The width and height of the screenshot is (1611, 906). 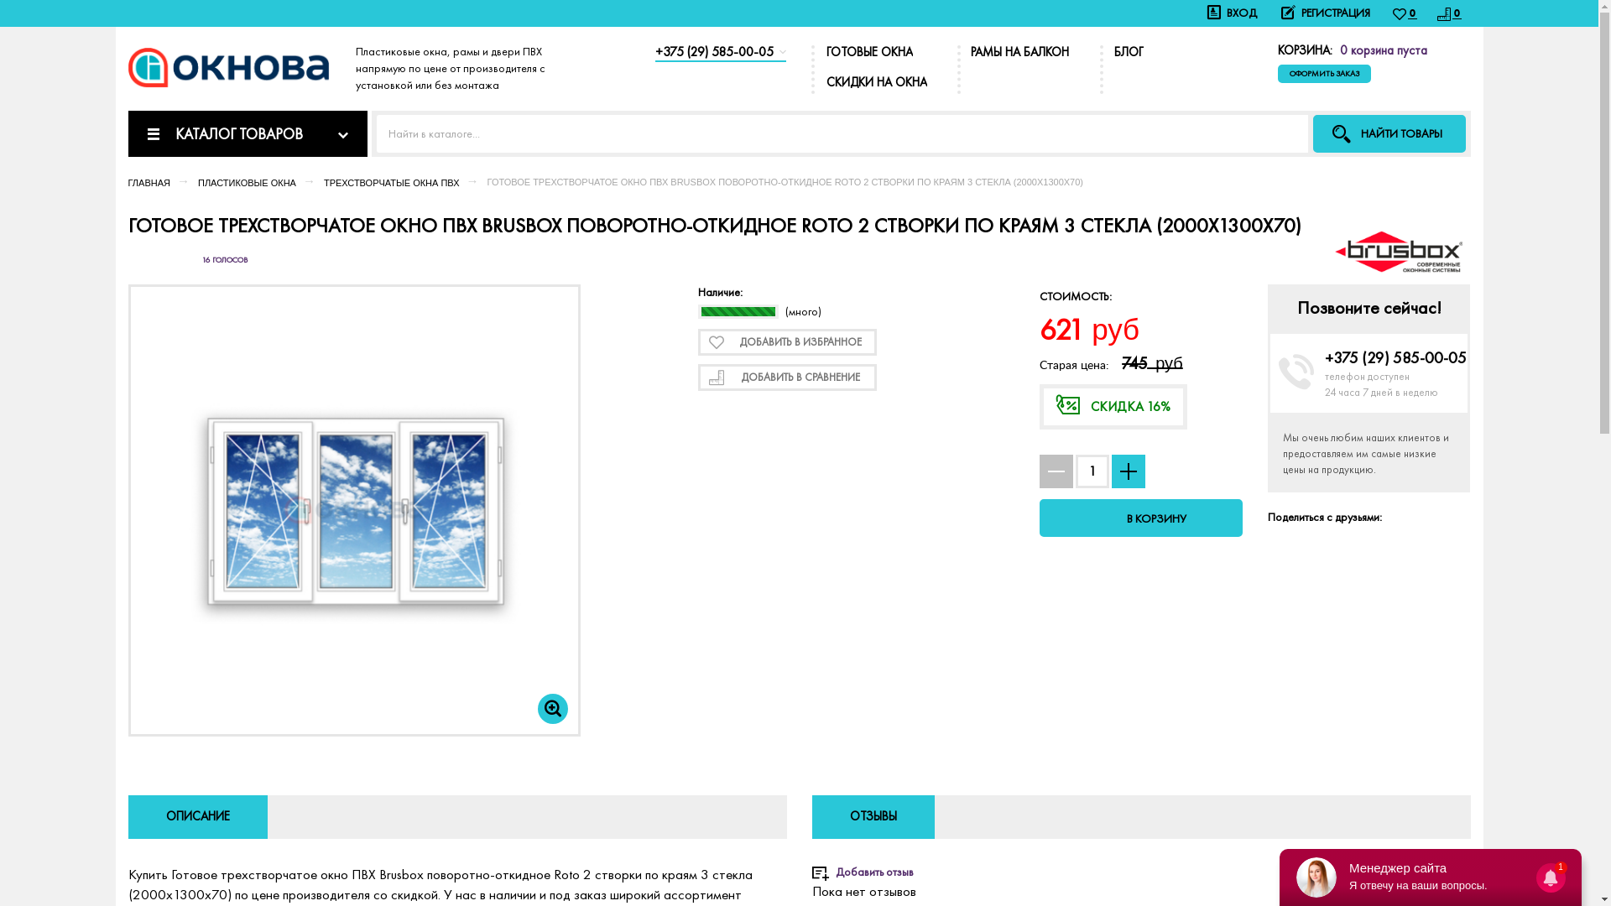 I want to click on 'Brusbox', so click(x=1397, y=248).